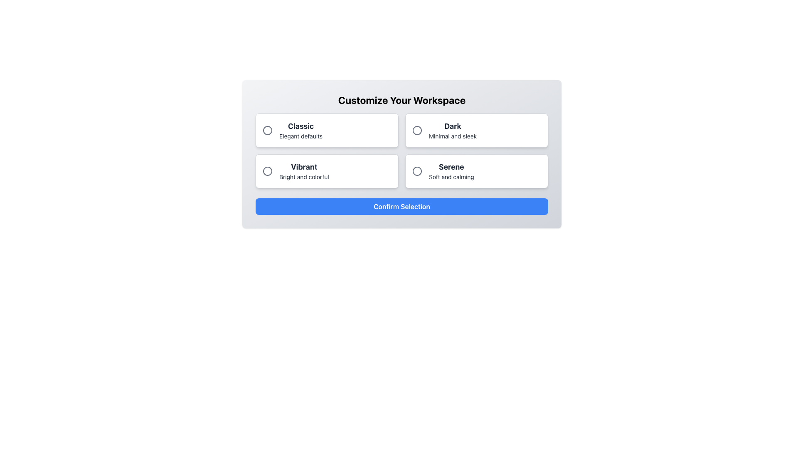 The height and width of the screenshot is (449, 798). I want to click on the heading text that informs users about the purpose of the panel, which is to customize the workspace, so click(401, 99).